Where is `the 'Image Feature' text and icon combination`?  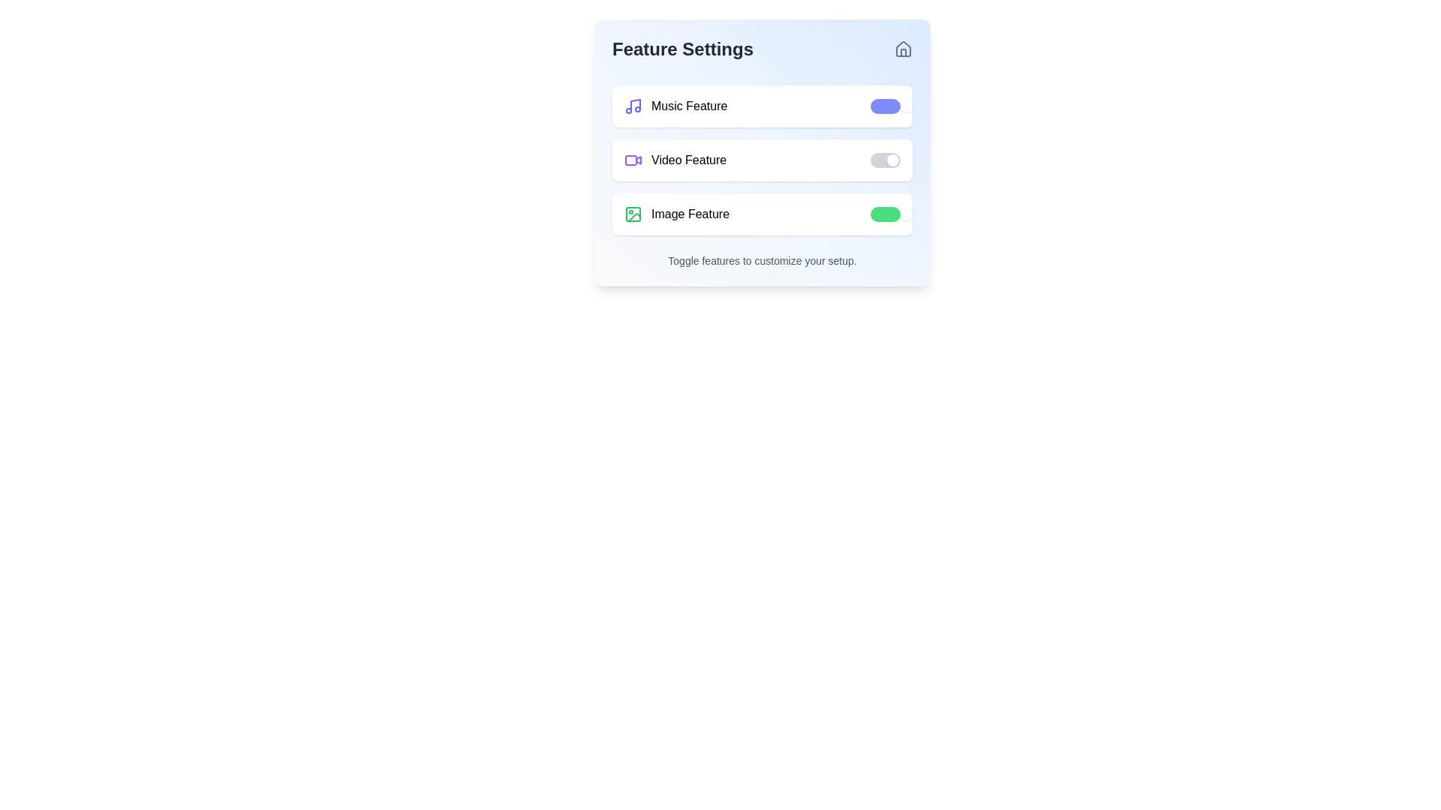
the 'Image Feature' text and icon combination is located at coordinates (676, 214).